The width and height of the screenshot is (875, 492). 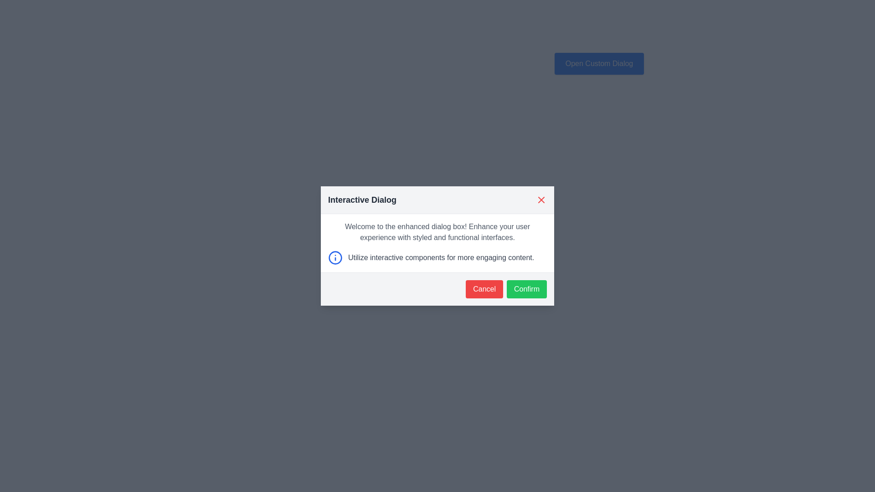 I want to click on the red-colored cross icon button located in the top-right corner of the 'Interactive Dialog' header, so click(x=541, y=200).